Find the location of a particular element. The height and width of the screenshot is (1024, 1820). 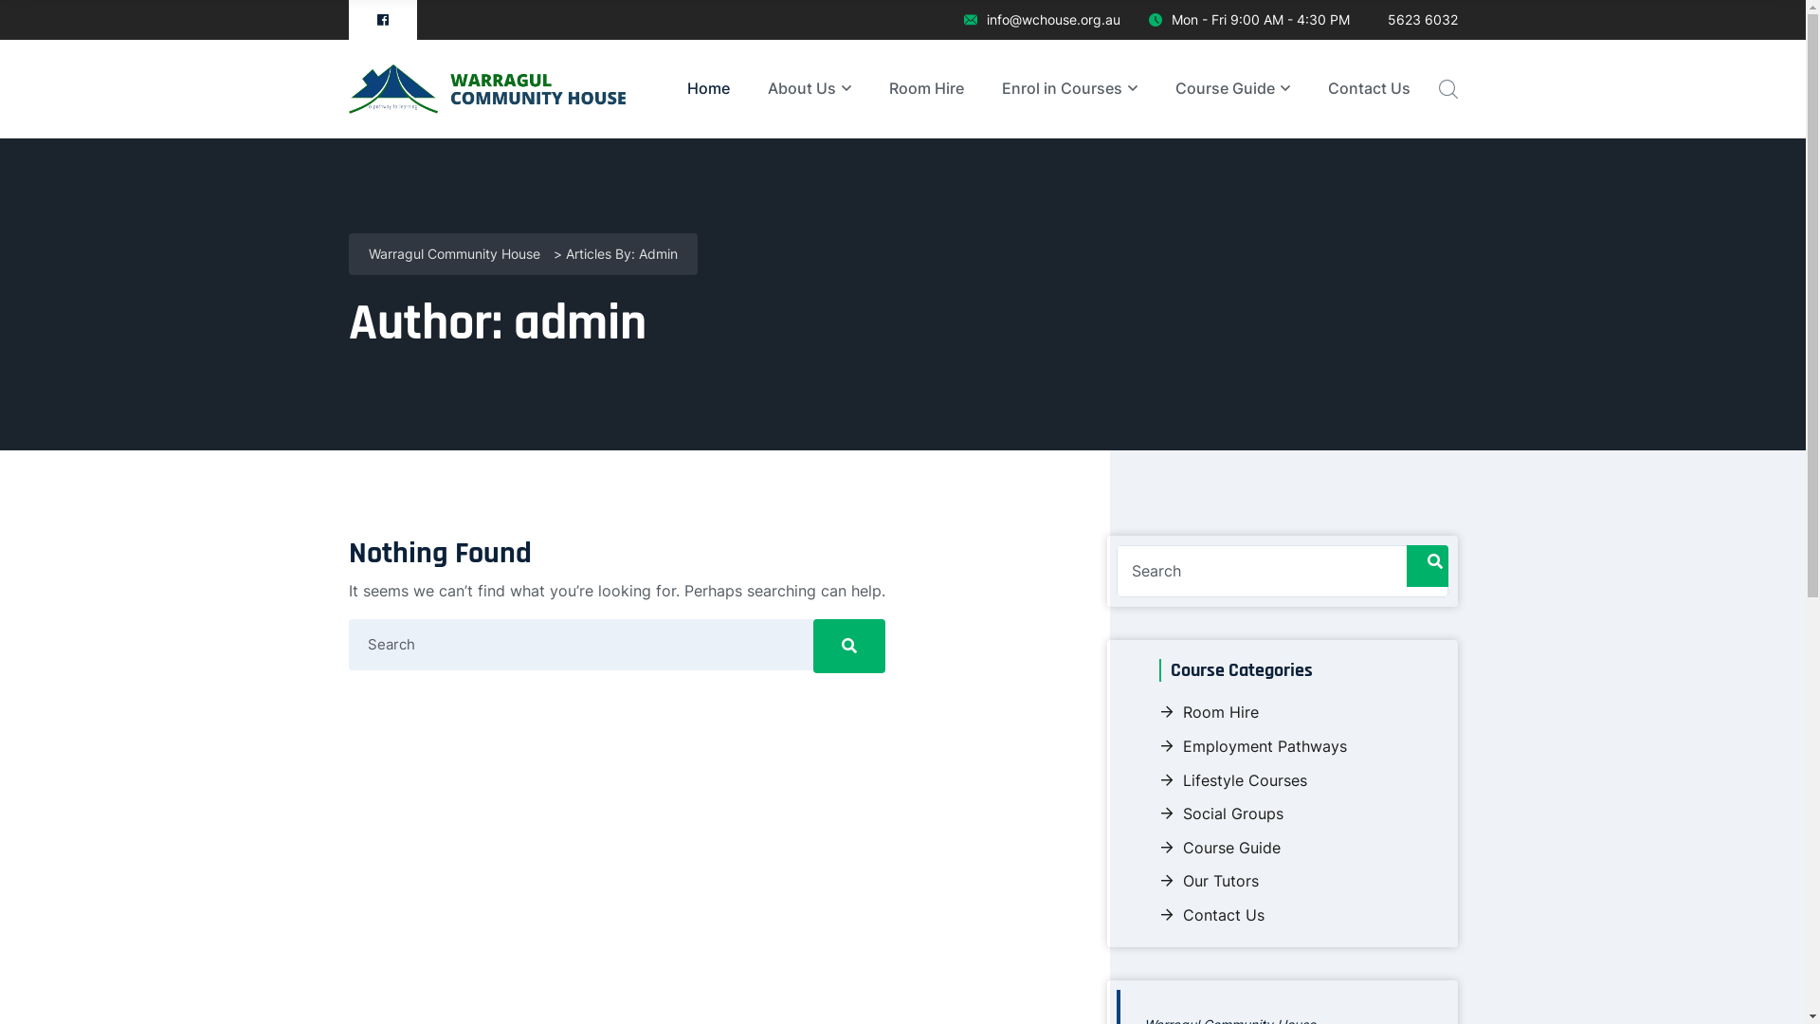

'Mon - Fri 9:00 AM - 4:30 PM' is located at coordinates (1147, 19).